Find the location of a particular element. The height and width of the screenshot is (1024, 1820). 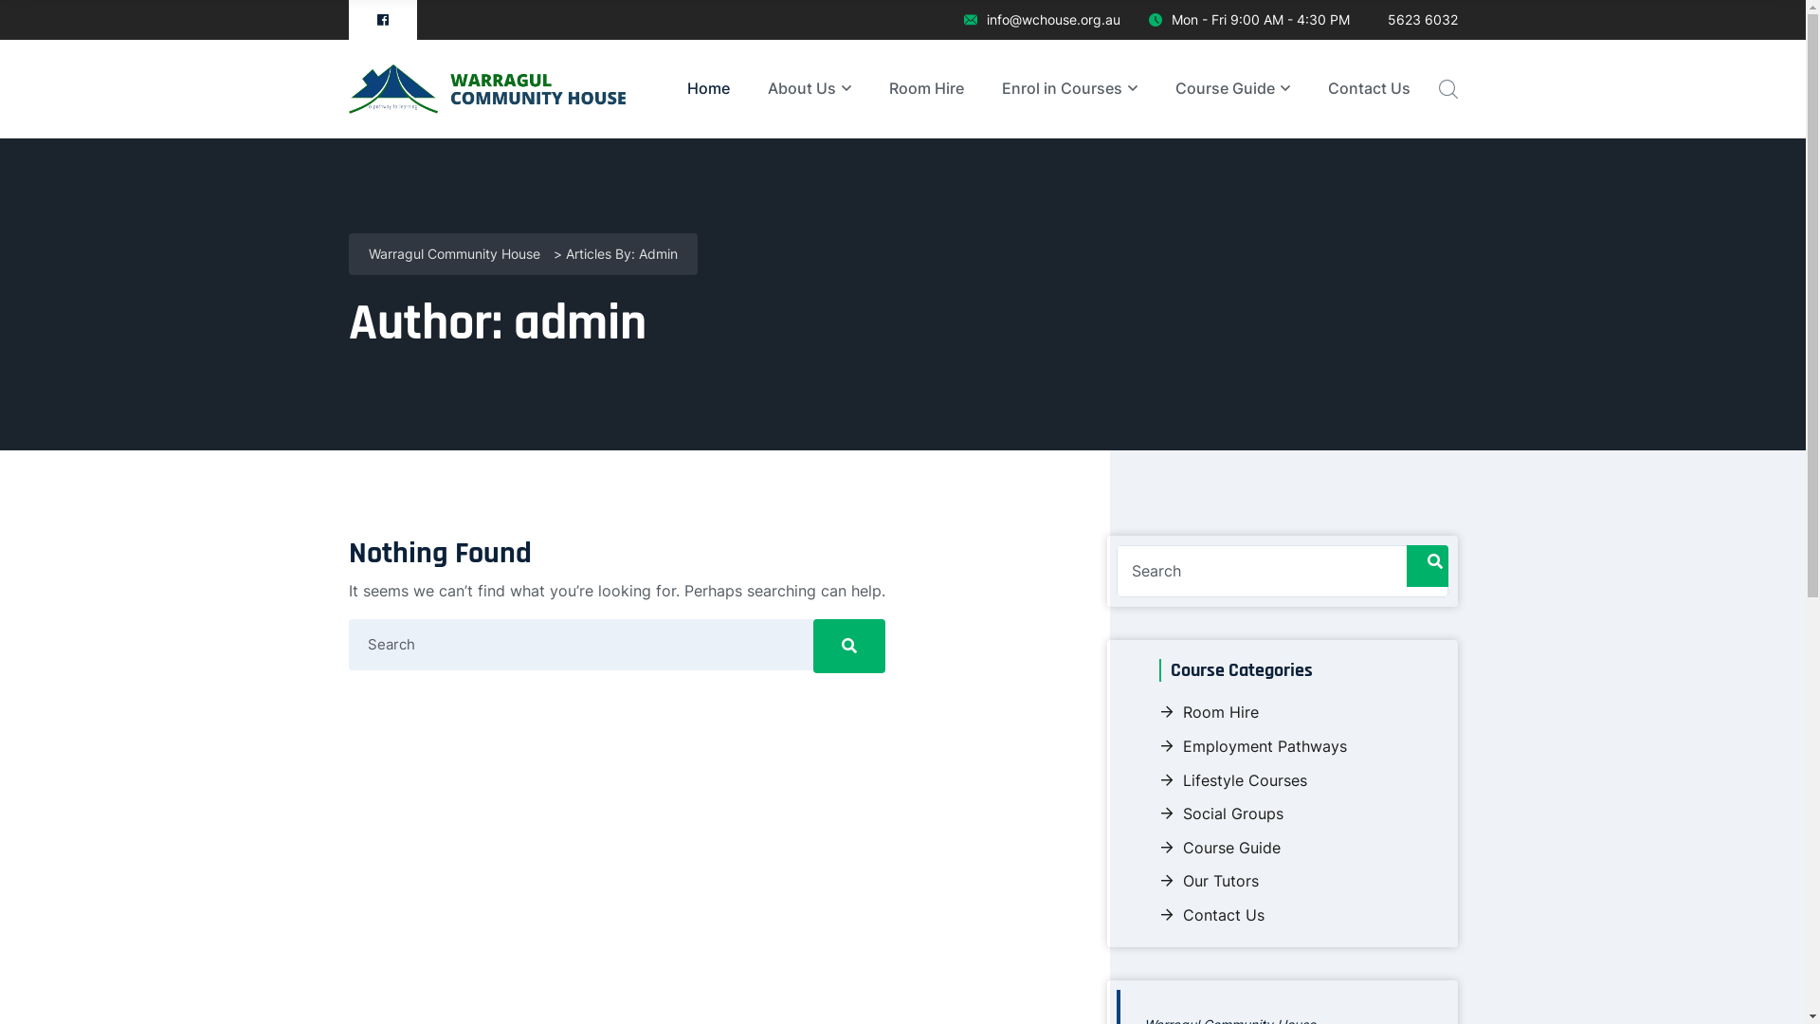

'Mon - Fri 9:00 AM - 4:30 PM' is located at coordinates (1147, 19).